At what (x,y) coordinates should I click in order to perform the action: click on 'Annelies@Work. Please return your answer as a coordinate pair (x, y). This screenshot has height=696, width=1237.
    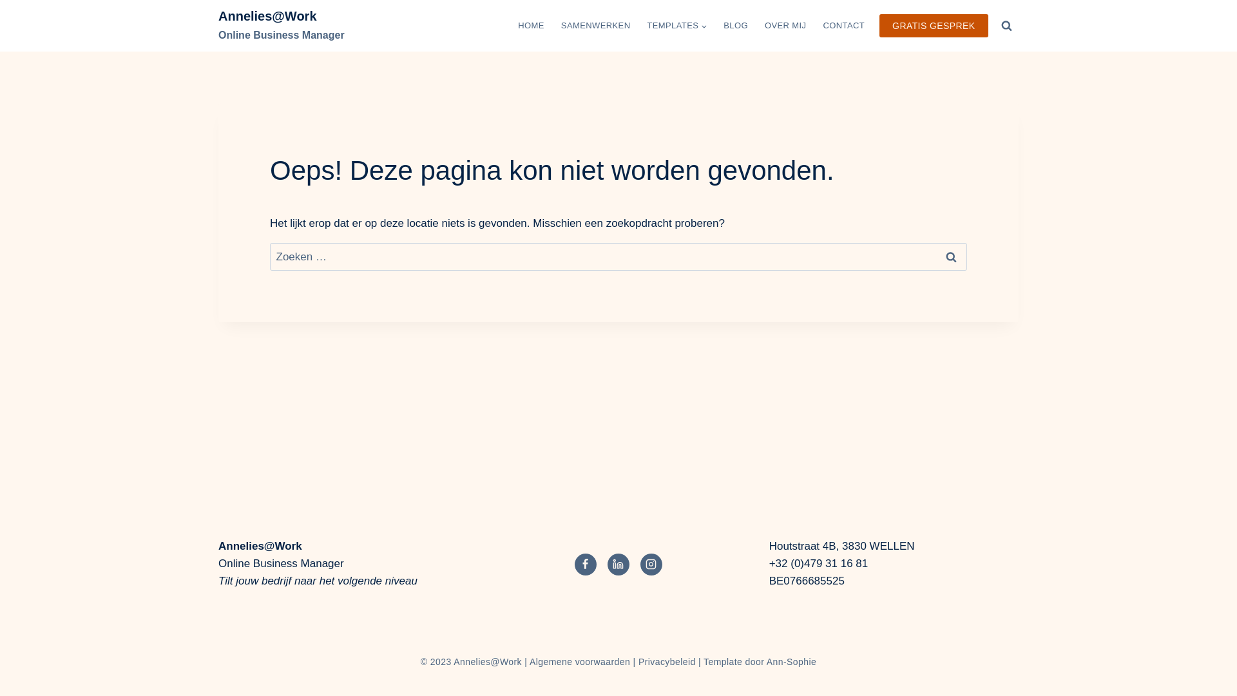
    Looking at the image, I should click on (280, 25).